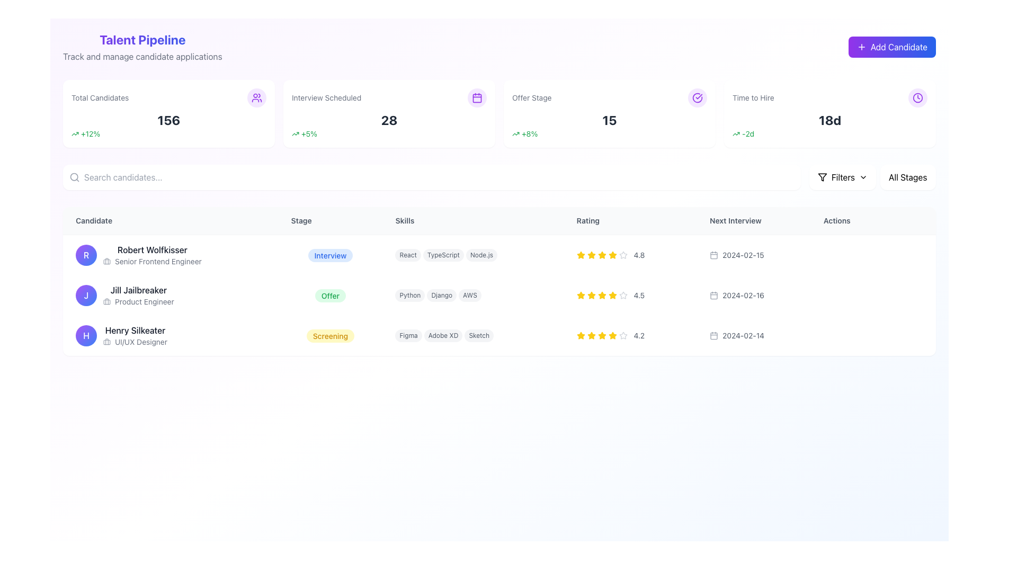 The width and height of the screenshot is (1017, 572). Describe the element at coordinates (602, 296) in the screenshot. I see `the yellow star icon that is the fourth in a sequence of five stars in the 'Rating' column of the second row of the data table` at that location.